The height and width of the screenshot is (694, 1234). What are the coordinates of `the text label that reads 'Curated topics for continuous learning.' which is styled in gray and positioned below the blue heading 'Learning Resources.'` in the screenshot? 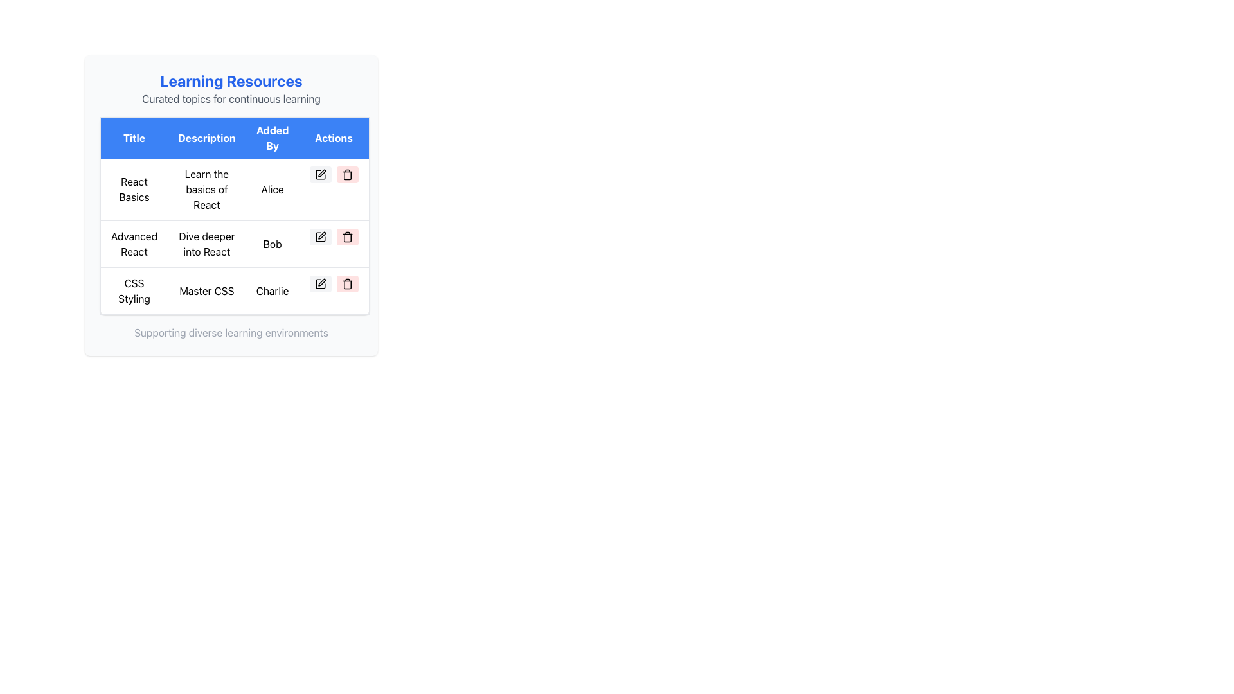 It's located at (231, 98).